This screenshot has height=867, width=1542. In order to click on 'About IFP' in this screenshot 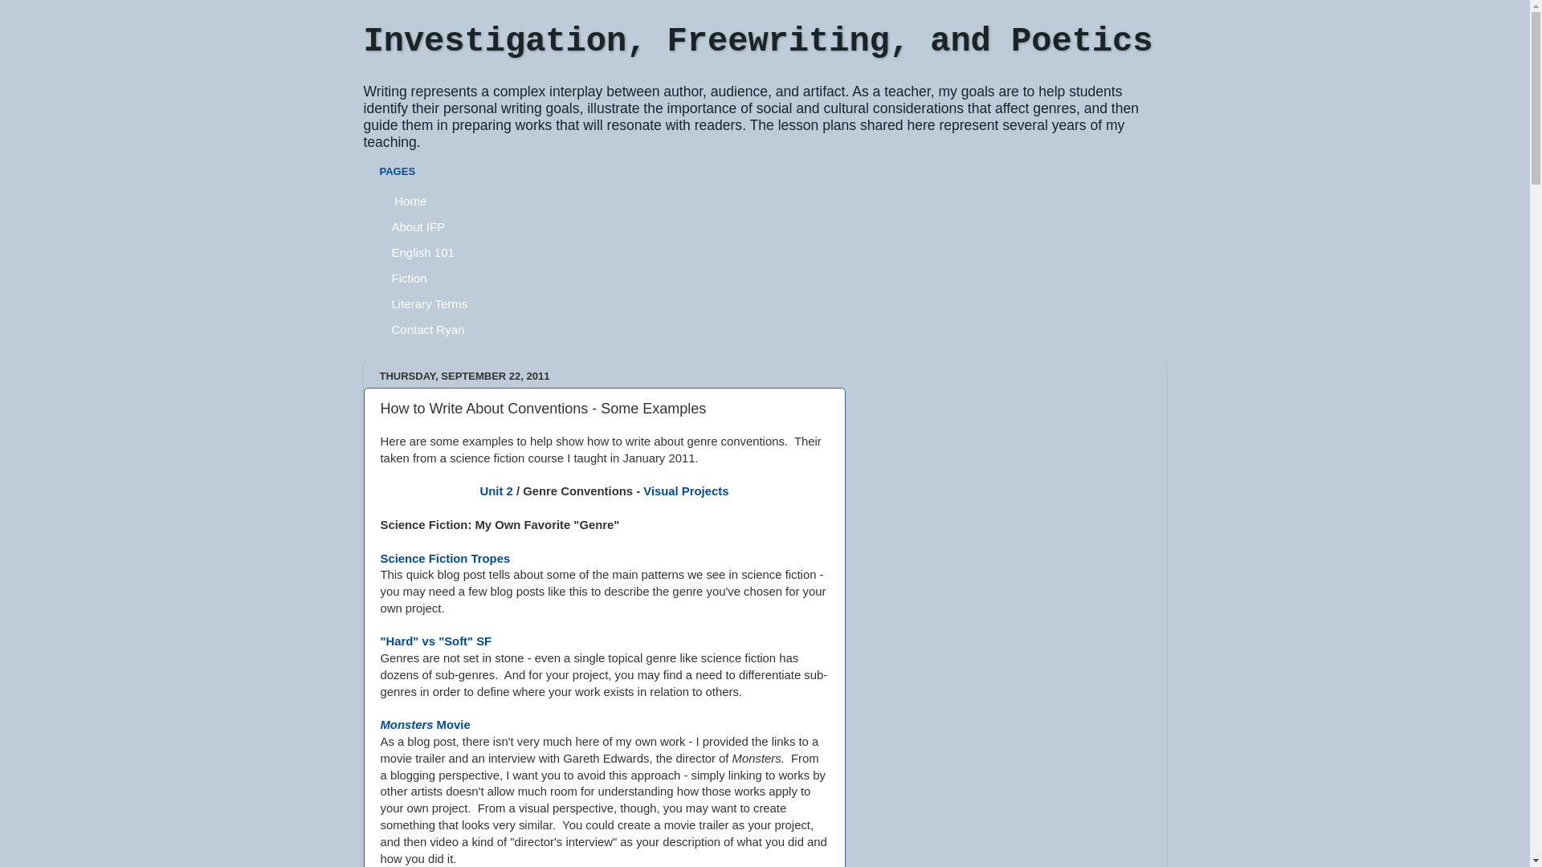, I will do `click(418, 226)`.